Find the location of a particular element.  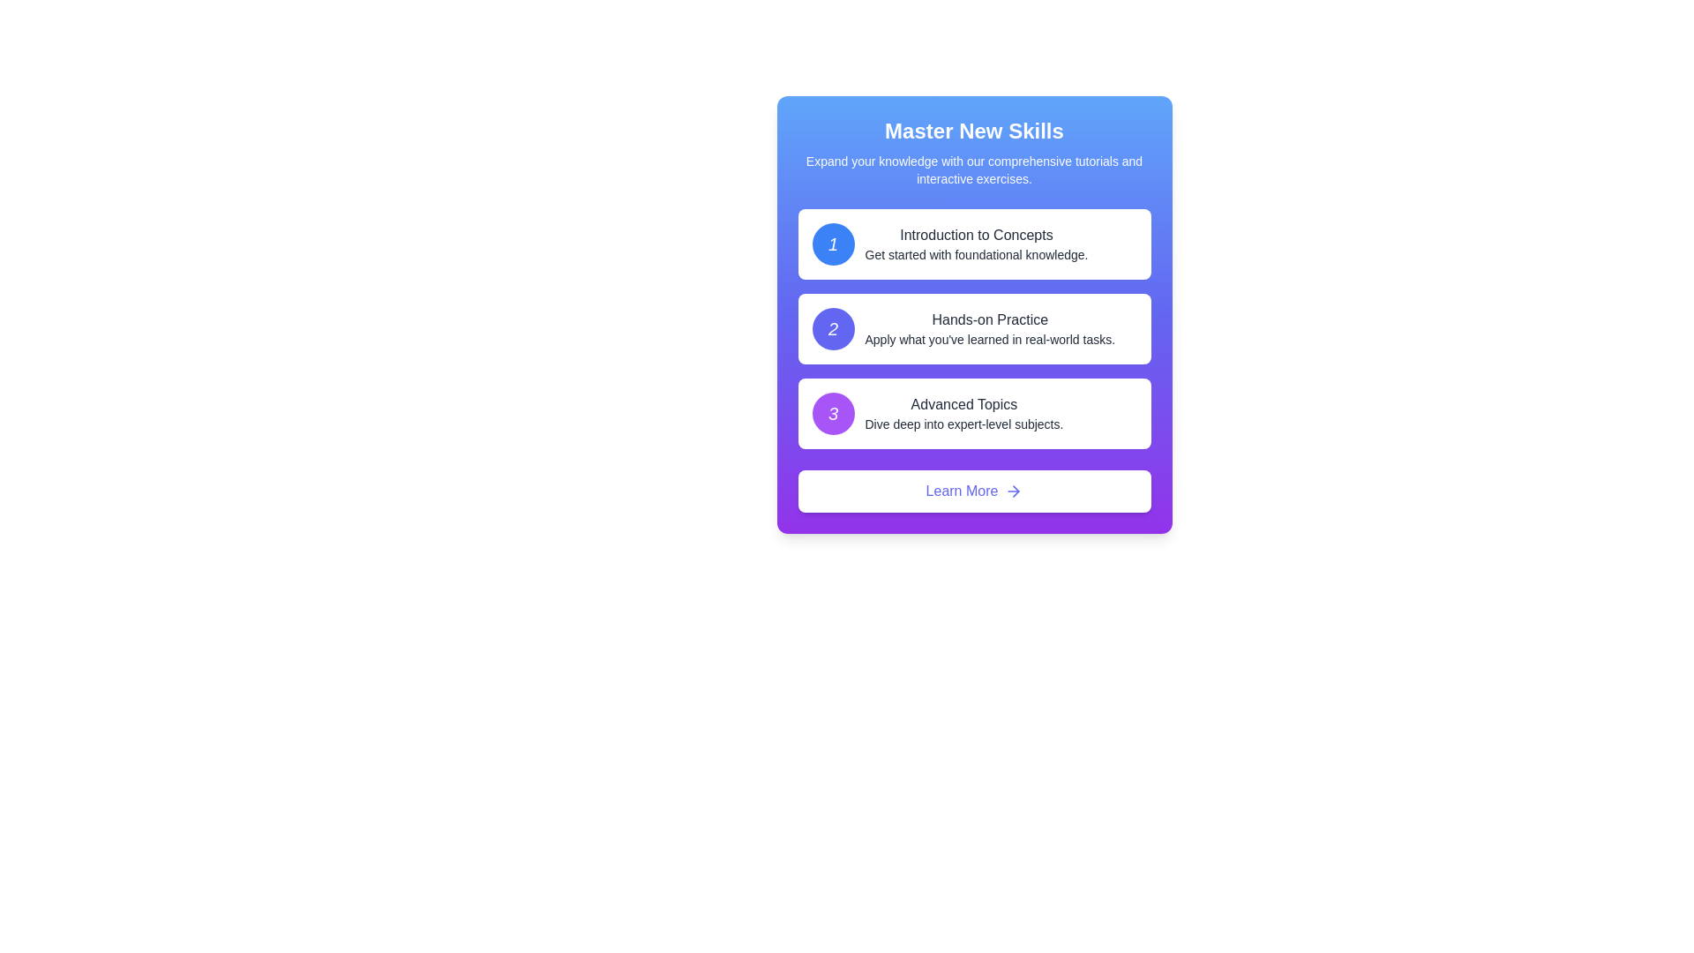

text label that says 'Dive deep into expert-level subjects.' positioned below the 'Advanced Topics' heading is located at coordinates (963, 424).